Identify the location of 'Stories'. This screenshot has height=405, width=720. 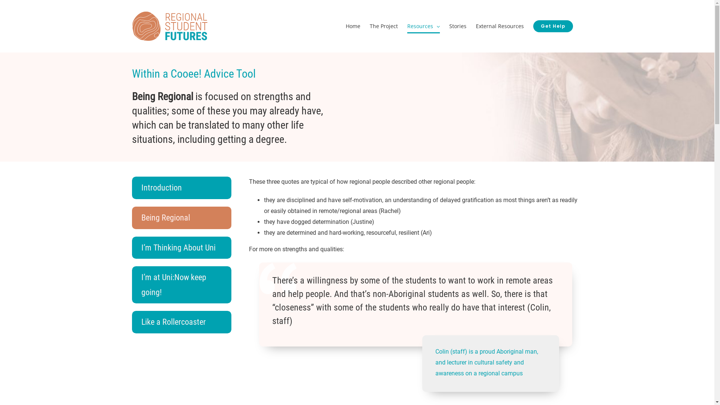
(457, 25).